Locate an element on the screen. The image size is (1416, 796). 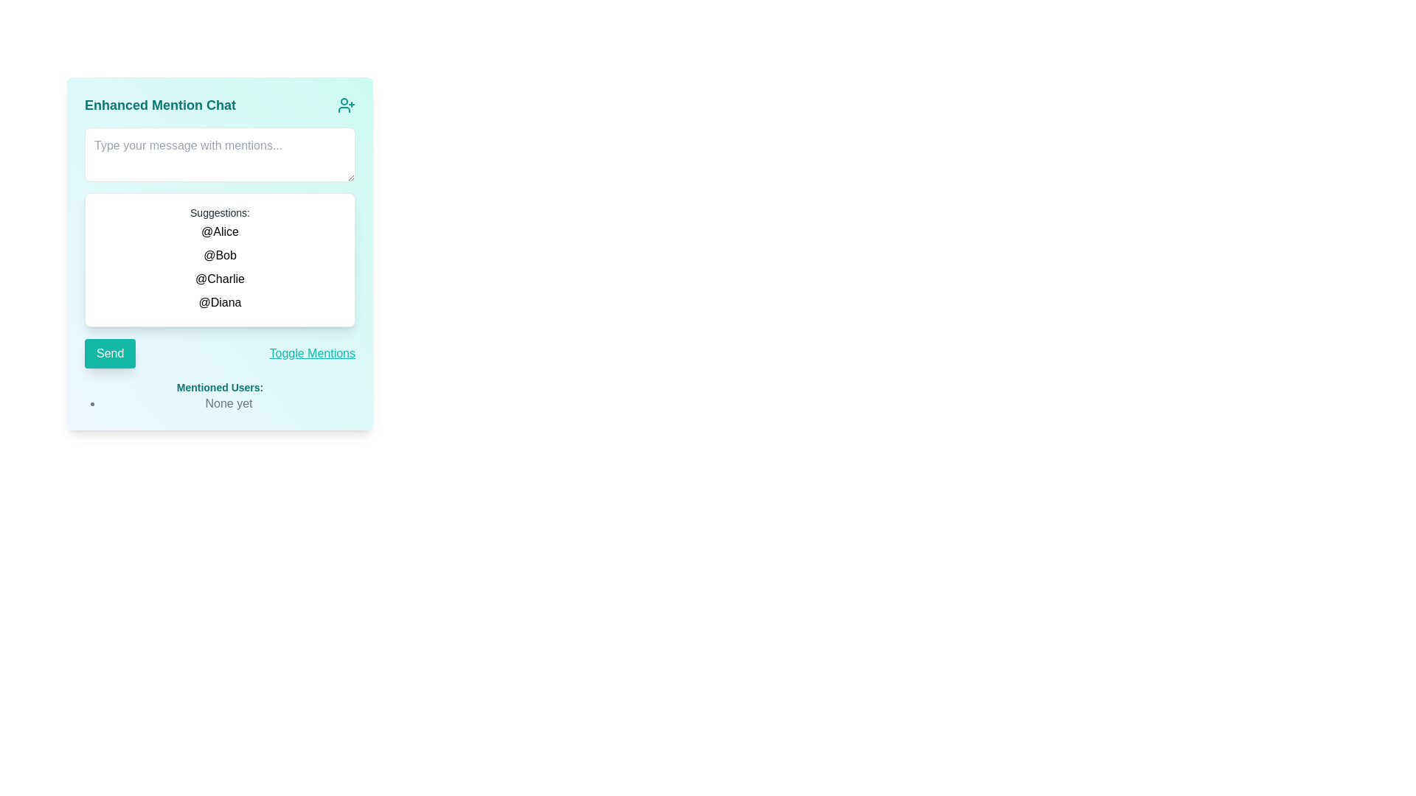
the text label that reads 'Enhanced Mention Chat', which is styled prominently in bold teal font and located at the top left of the main panel is located at coordinates (160, 104).